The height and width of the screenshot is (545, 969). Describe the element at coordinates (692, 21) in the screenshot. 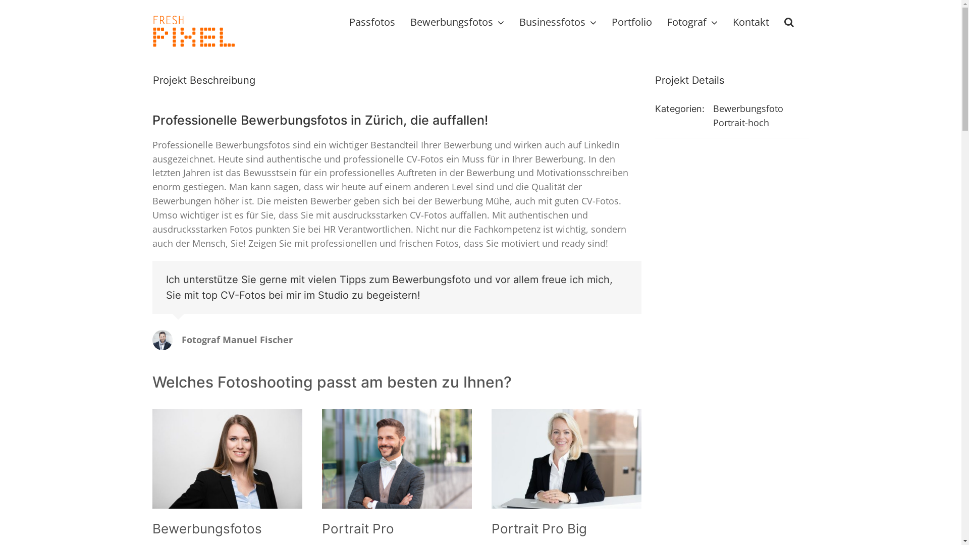

I see `'Fotograf'` at that location.